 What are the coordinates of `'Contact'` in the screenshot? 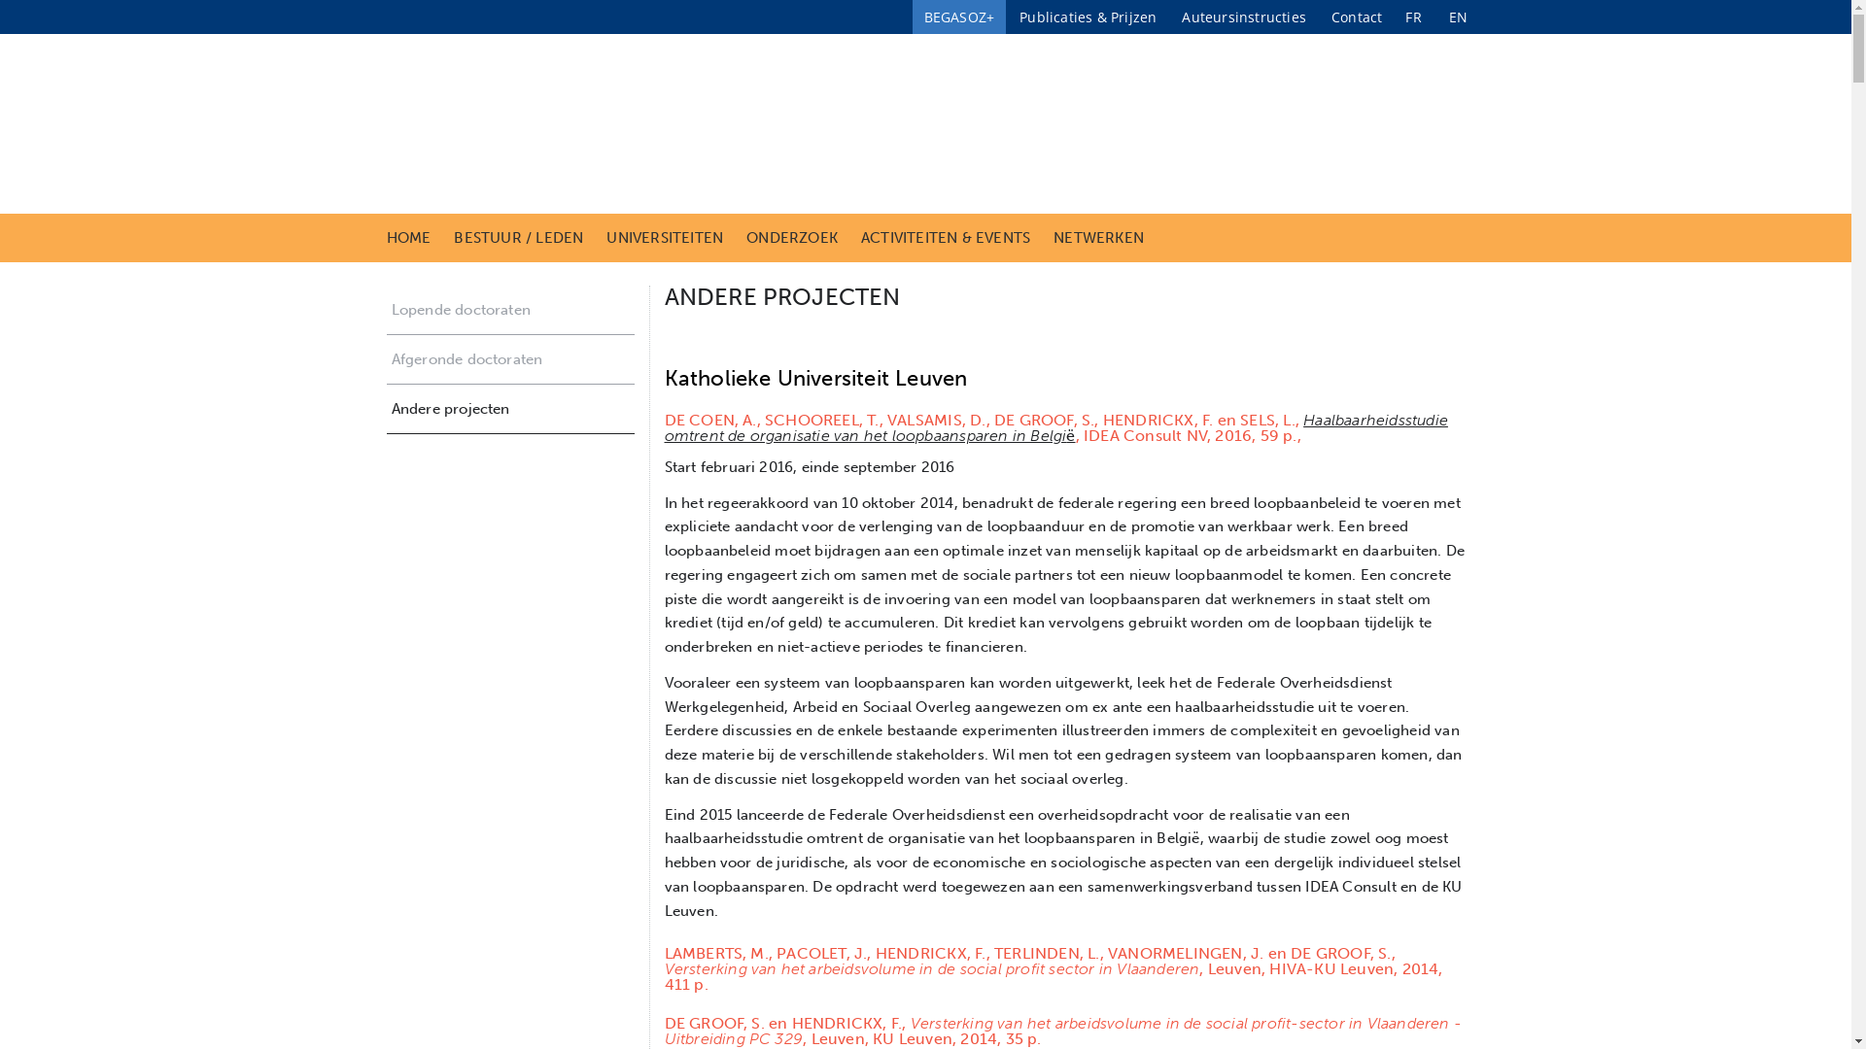 It's located at (1356, 17).